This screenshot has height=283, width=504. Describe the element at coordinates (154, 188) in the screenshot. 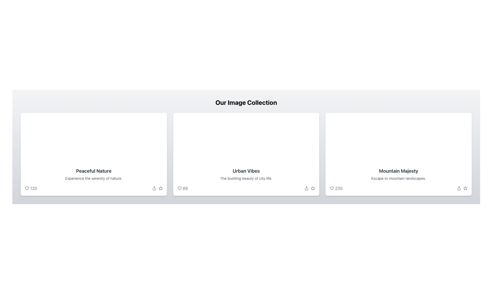

I see `the share icon button styled as an upward arrow emerging from a box located at the bottom-right corner of the 'Peaceful Nature' card` at that location.